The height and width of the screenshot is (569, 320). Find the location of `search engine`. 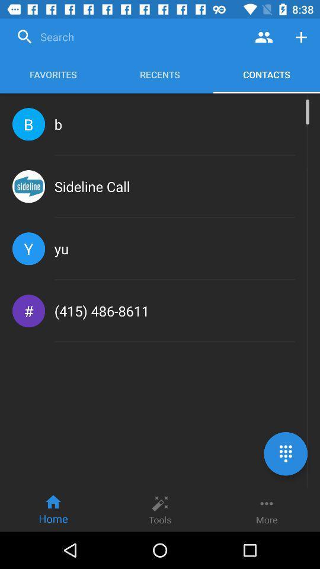

search engine is located at coordinates (128, 37).